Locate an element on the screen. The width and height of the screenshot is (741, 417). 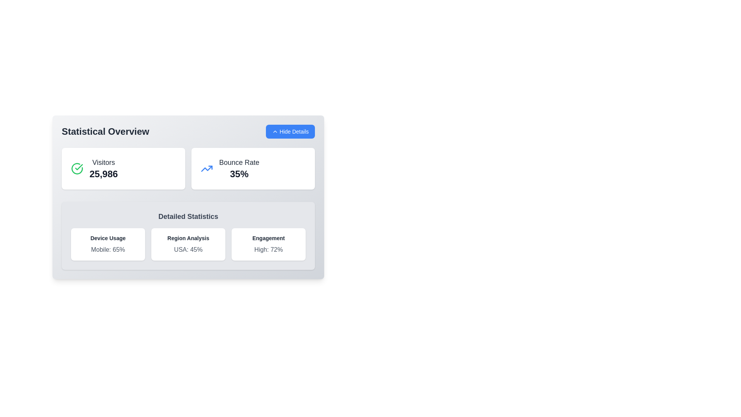
the descriptive Text label indicating the context of the numerical value representing the percentage in the statistics overview card layout is located at coordinates (239, 162).